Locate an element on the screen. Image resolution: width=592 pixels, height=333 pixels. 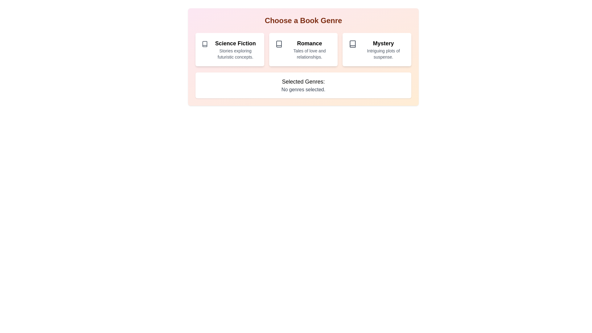
the book icon located at the top center of the Romance card under the heading 'Choose a Book Genre' is located at coordinates (278, 43).